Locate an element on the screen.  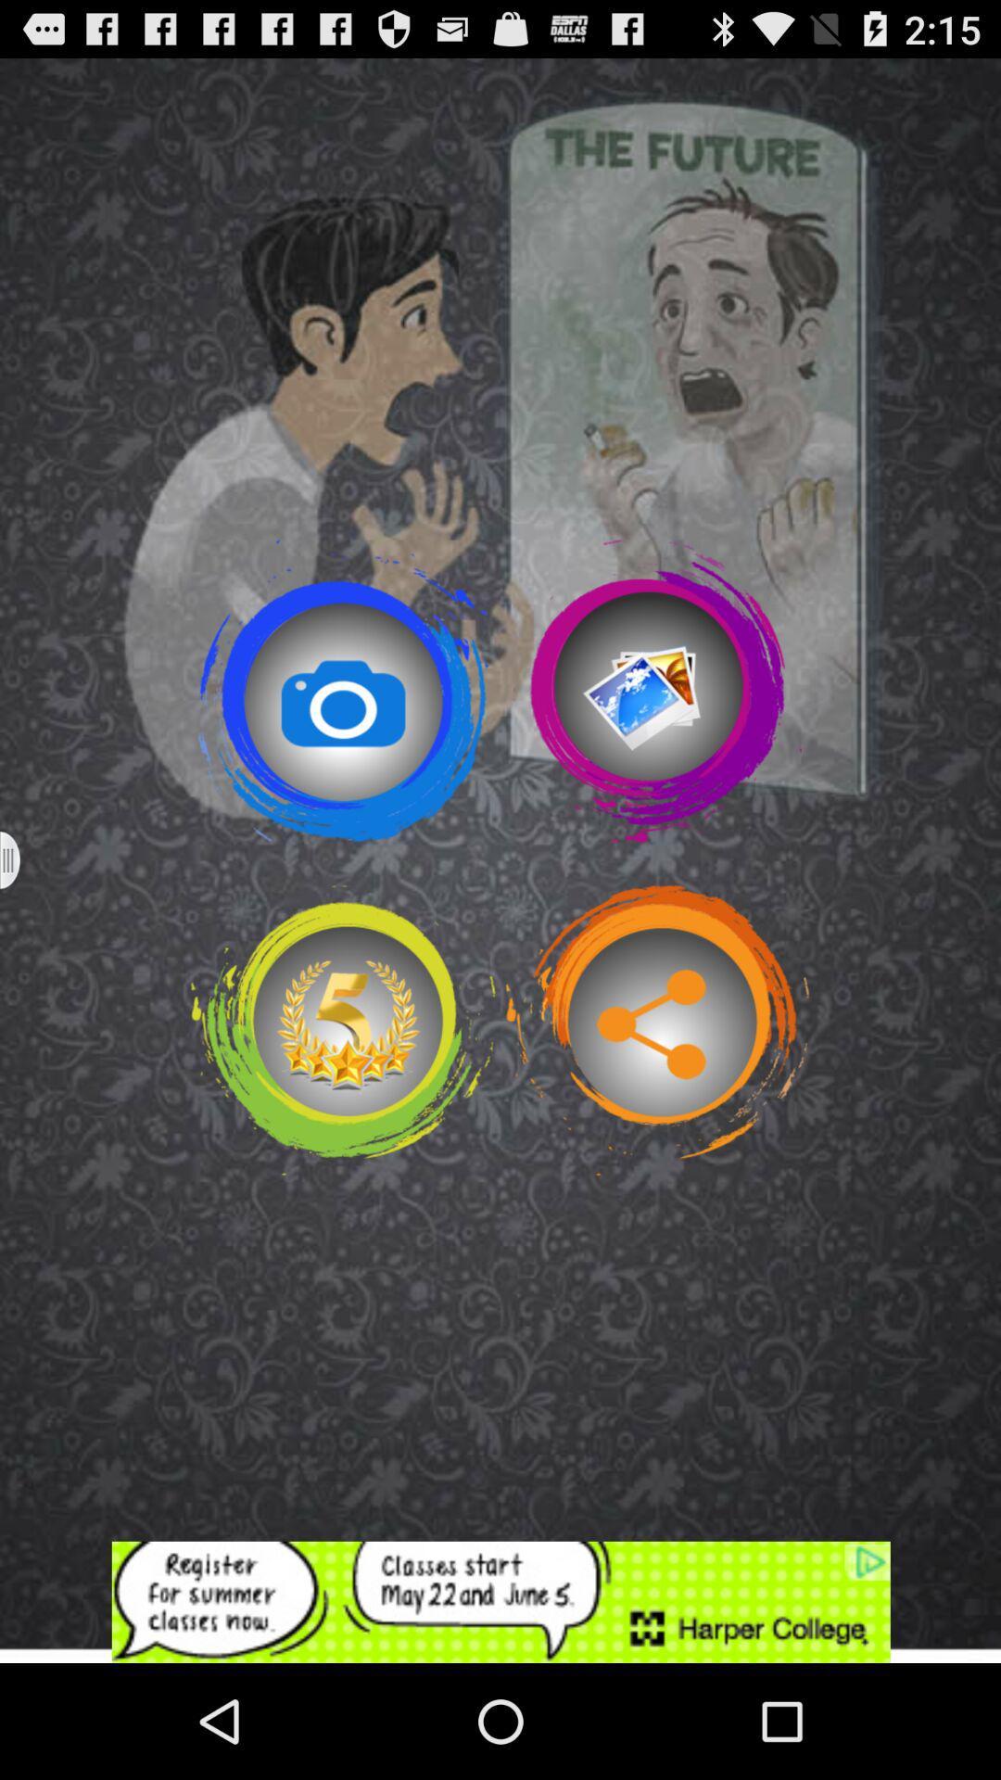
open another window is located at coordinates (21, 859).